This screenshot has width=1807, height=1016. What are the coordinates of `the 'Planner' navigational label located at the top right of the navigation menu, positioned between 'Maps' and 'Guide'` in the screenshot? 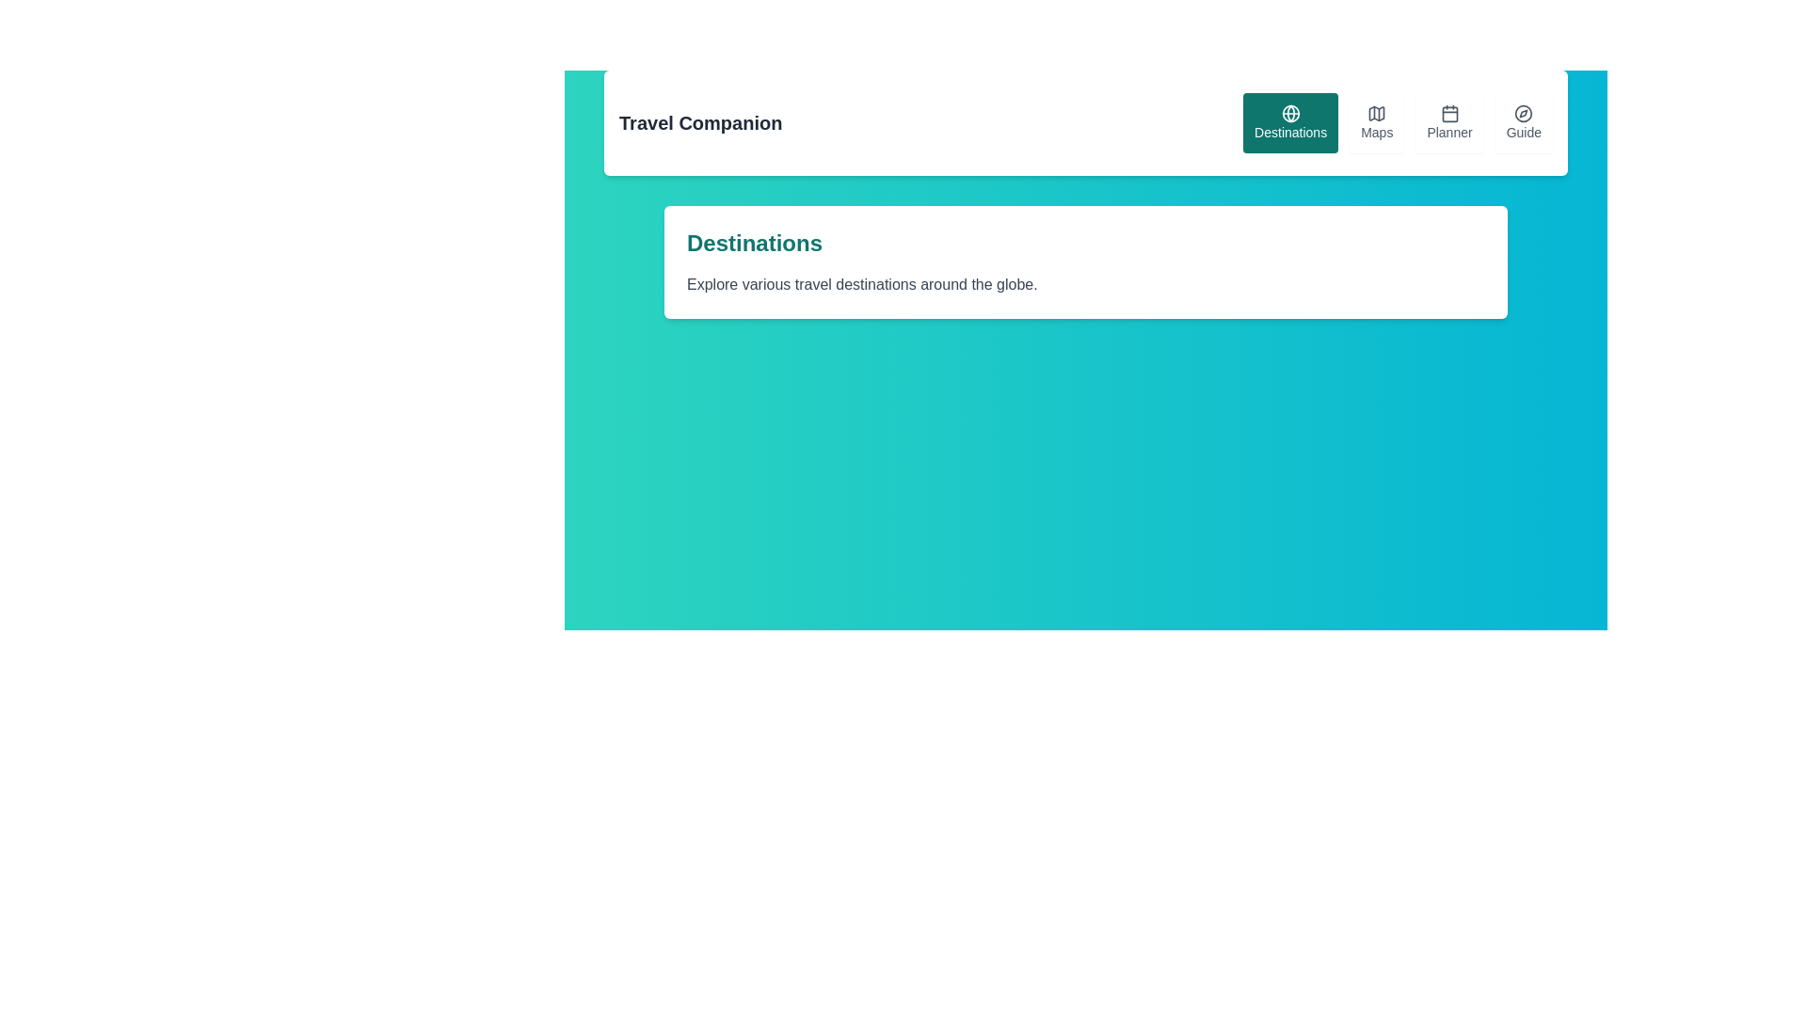 It's located at (1448, 132).